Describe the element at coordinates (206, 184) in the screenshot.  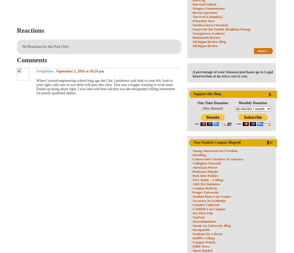
I see `'AMCHA Initiative'` at that location.